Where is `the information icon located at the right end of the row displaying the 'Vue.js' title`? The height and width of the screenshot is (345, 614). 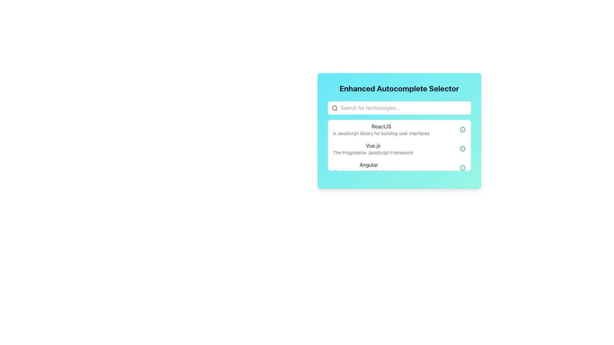
the information icon located at the right end of the row displaying the 'Vue.js' title is located at coordinates (462, 149).